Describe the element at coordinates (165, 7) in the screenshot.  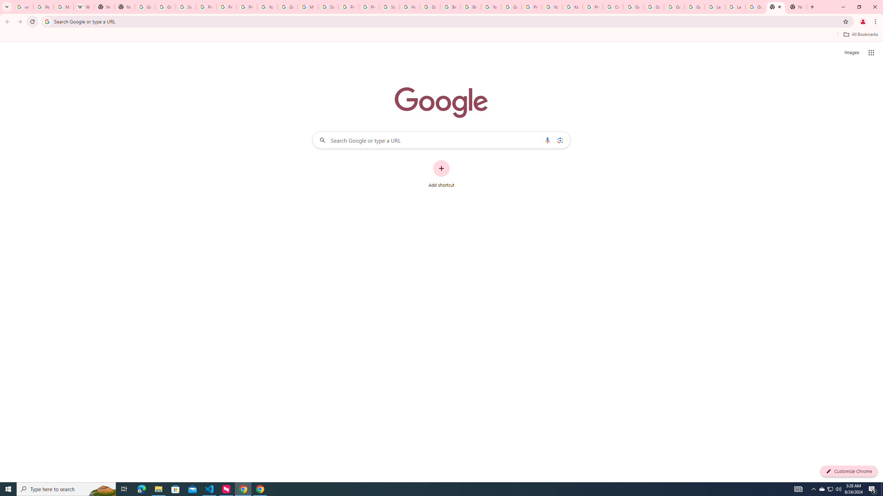
I see `'Google Drive: Sign-in'` at that location.